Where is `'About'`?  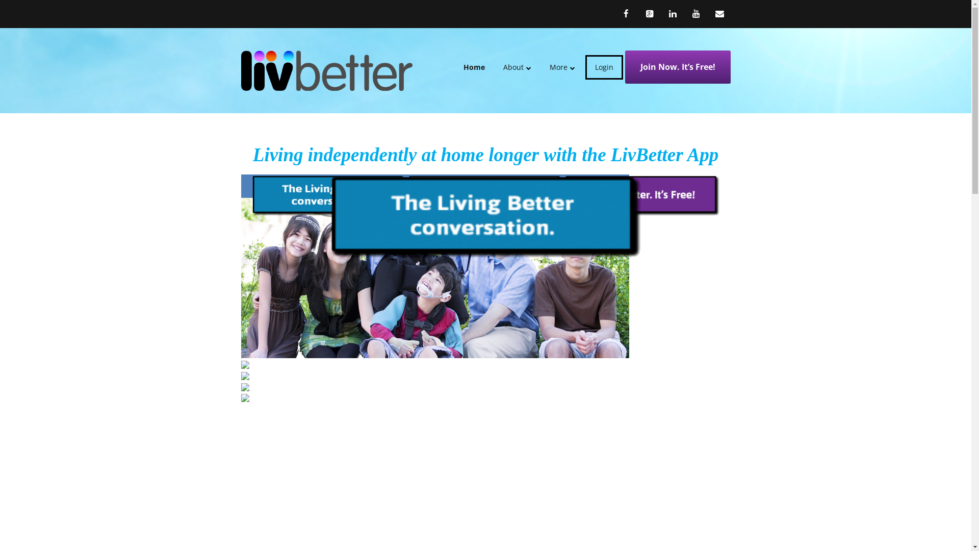 'About' is located at coordinates (517, 67).